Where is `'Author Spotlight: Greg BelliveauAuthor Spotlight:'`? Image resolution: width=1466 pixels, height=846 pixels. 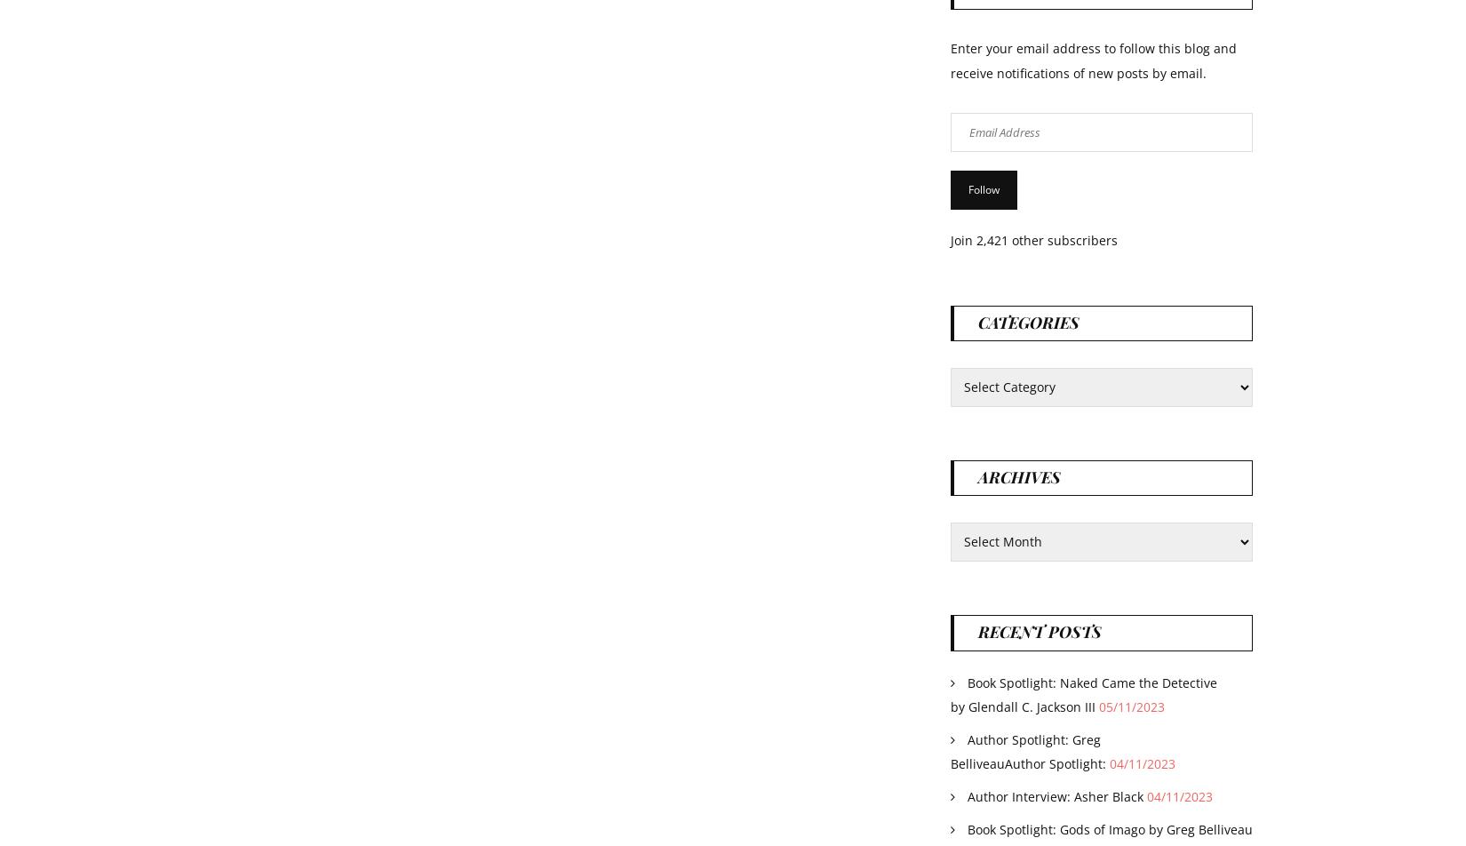 'Author Spotlight: Greg BelliveauAuthor Spotlight:' is located at coordinates (951, 750).